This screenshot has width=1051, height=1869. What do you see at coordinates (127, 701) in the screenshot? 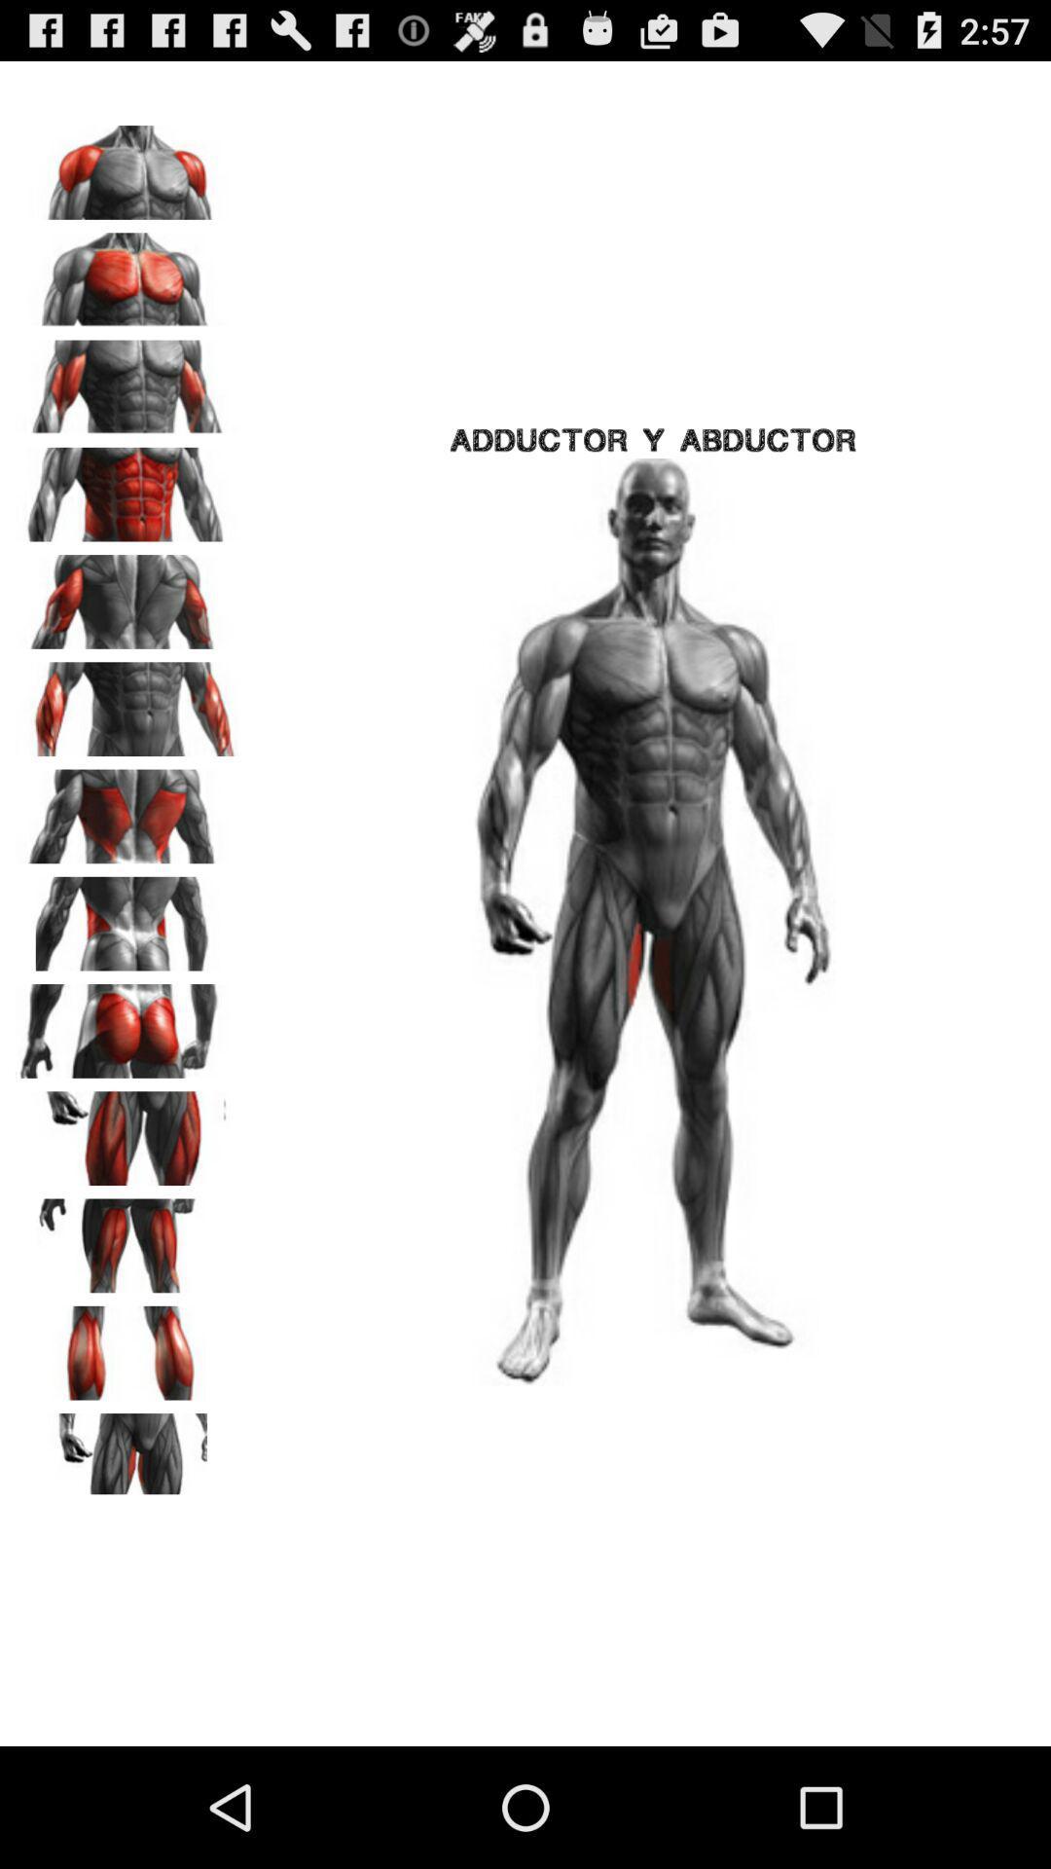
I see `forearms` at bounding box center [127, 701].